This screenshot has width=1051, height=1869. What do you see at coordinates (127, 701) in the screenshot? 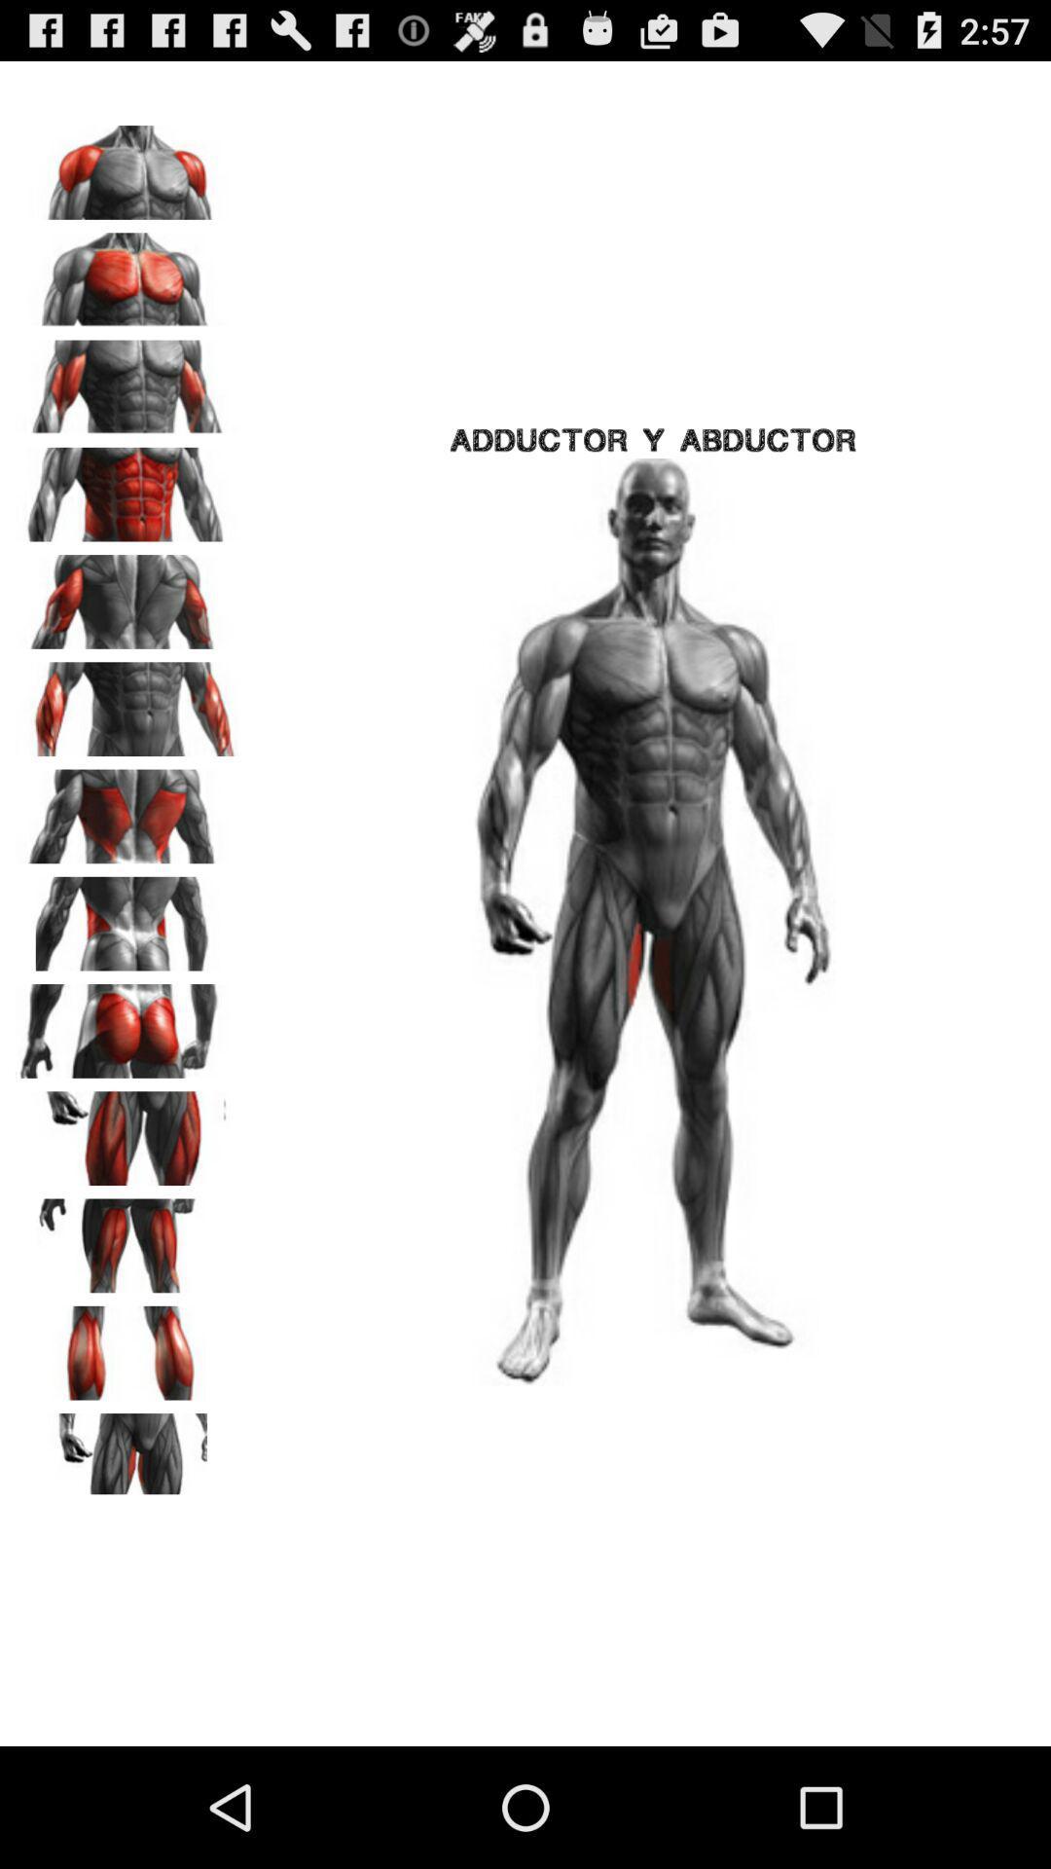
I see `forearms` at bounding box center [127, 701].